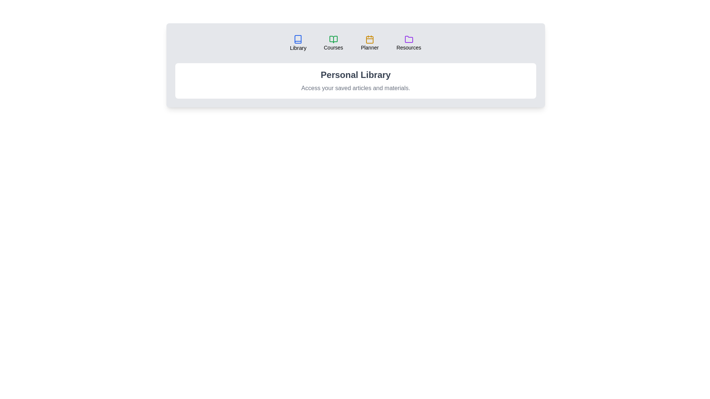 This screenshot has width=710, height=399. Describe the element at coordinates (298, 43) in the screenshot. I see `the tab labeled Library by clicking on it` at that location.